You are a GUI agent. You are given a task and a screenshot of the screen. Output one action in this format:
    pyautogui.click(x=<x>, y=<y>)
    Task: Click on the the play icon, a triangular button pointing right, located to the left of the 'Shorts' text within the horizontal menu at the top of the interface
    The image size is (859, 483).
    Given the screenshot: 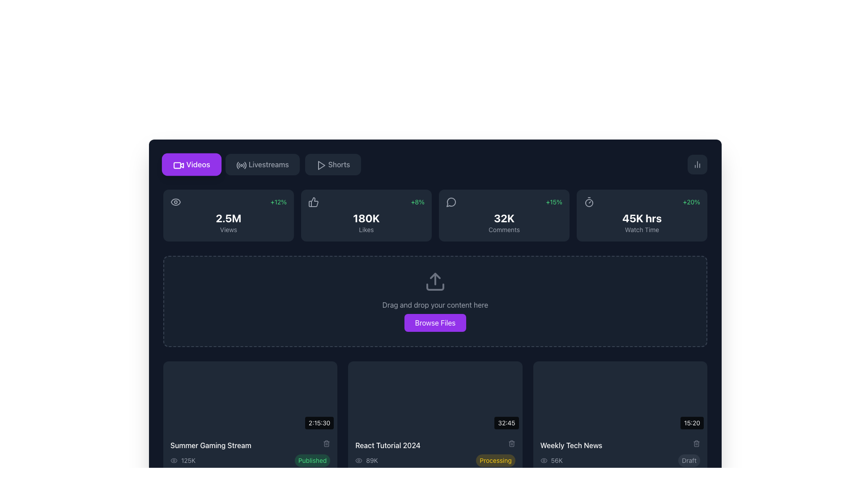 What is the action you would take?
    pyautogui.click(x=320, y=164)
    